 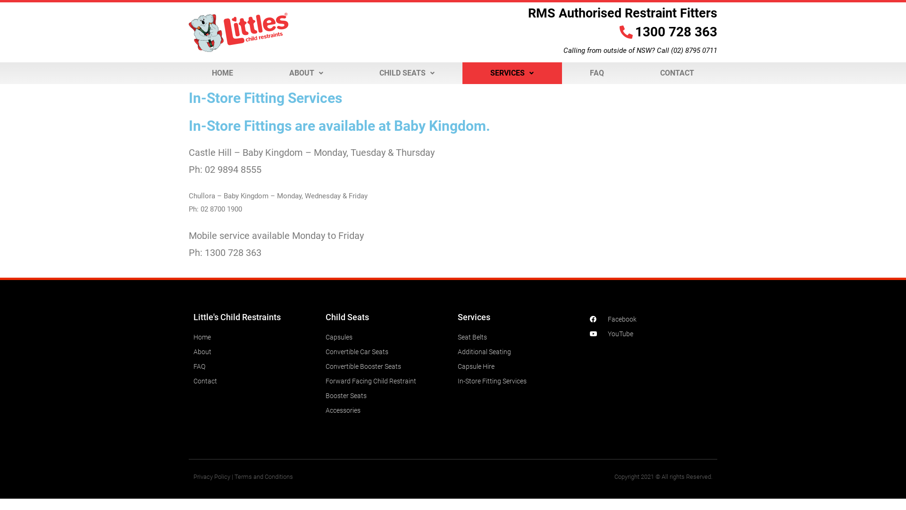 I want to click on 'CHILD SEATS', so click(x=407, y=72).